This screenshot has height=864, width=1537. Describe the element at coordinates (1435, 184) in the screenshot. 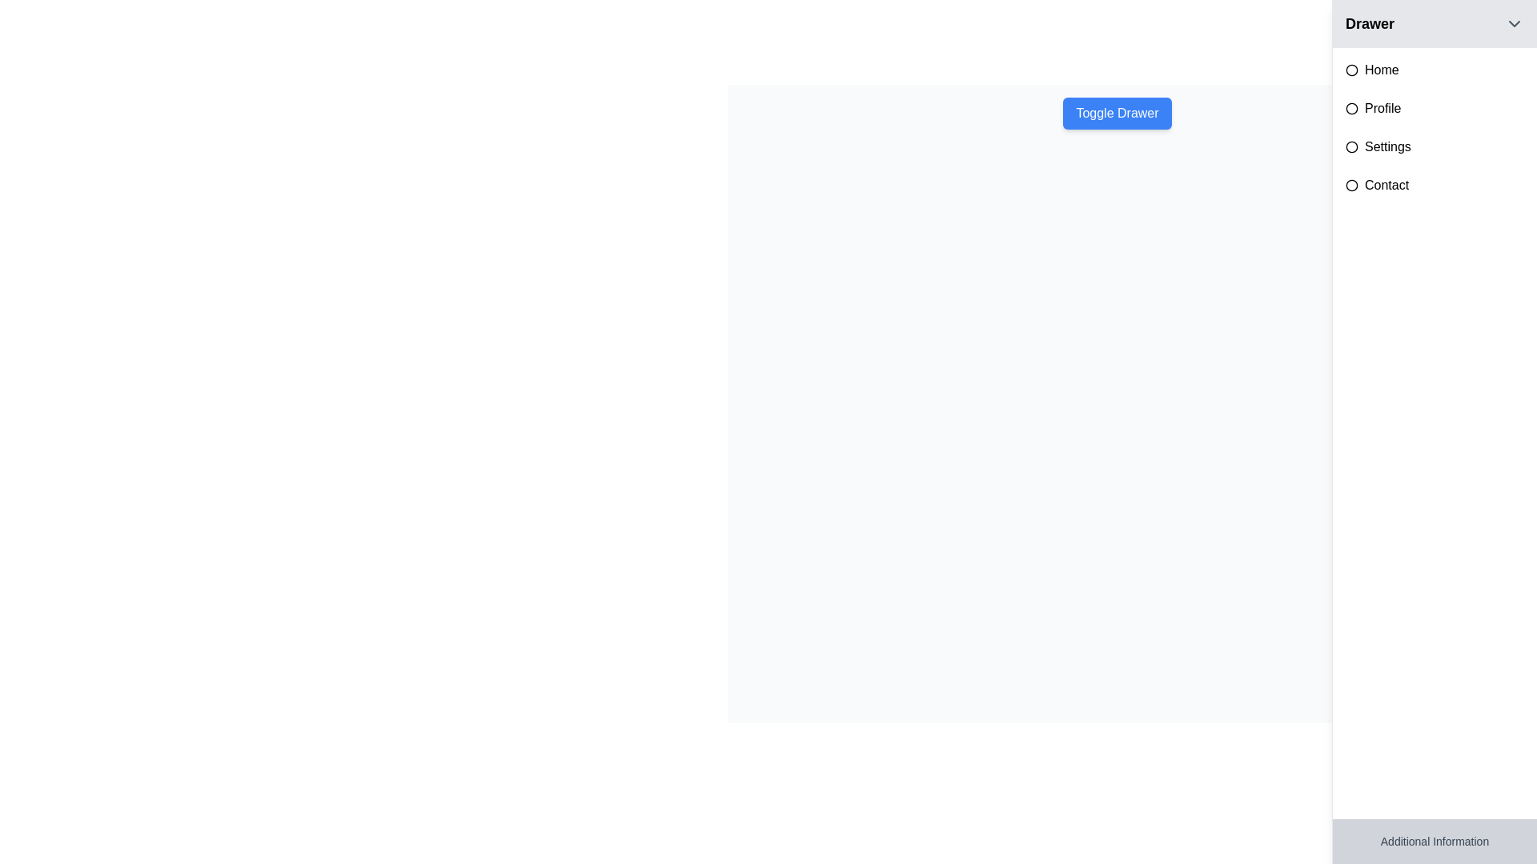

I see `the List item with an icon and label located at the bottommost position of a vertical stack in the right-side drawer` at that location.